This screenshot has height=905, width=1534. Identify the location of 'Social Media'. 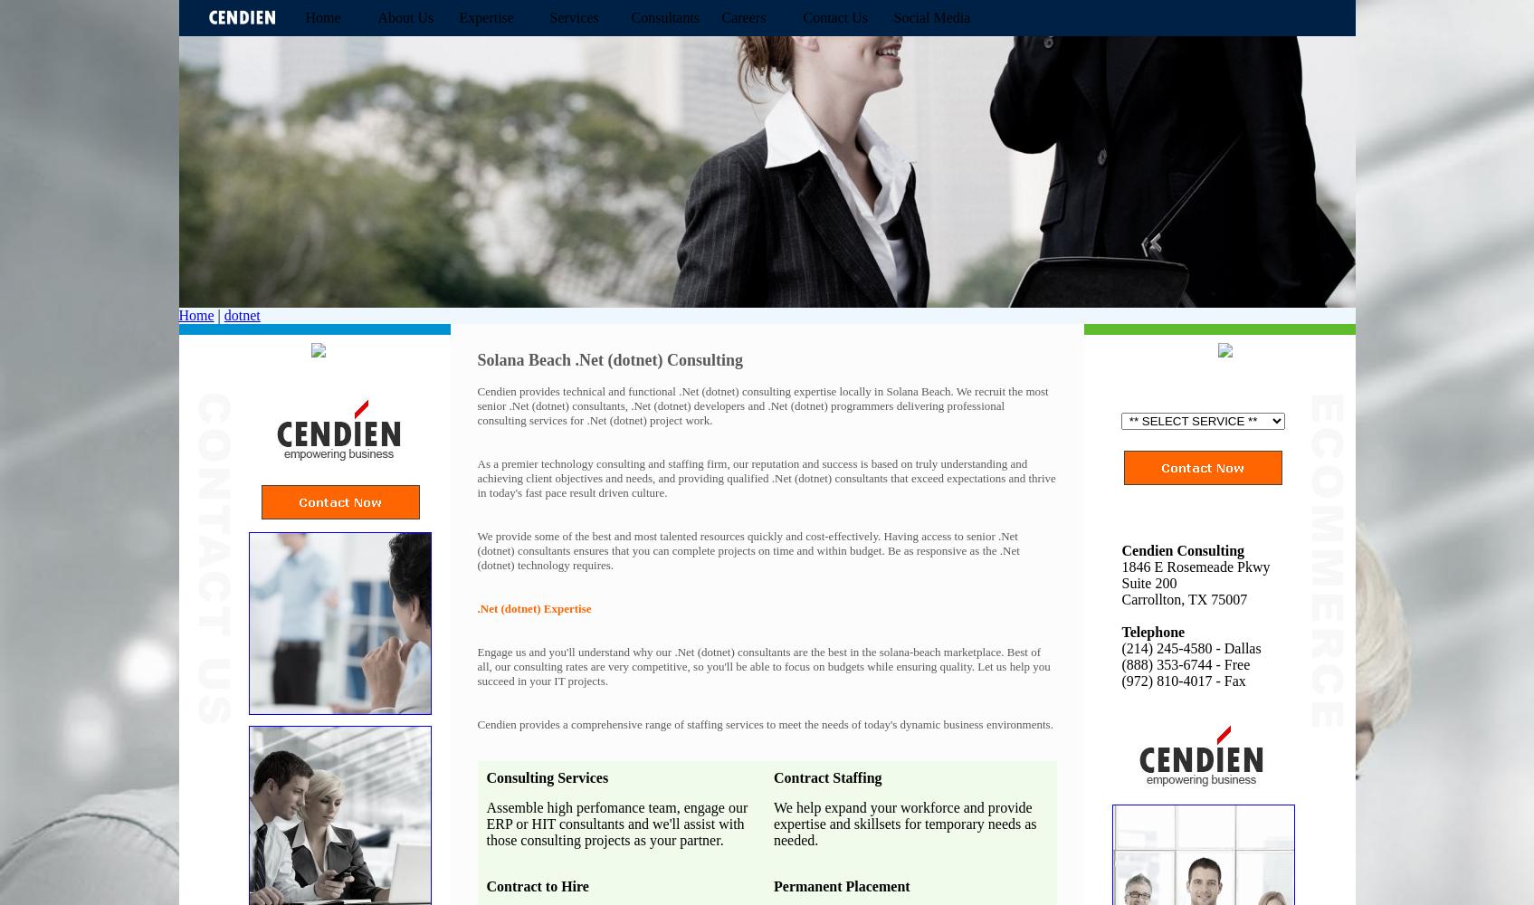
(930, 17).